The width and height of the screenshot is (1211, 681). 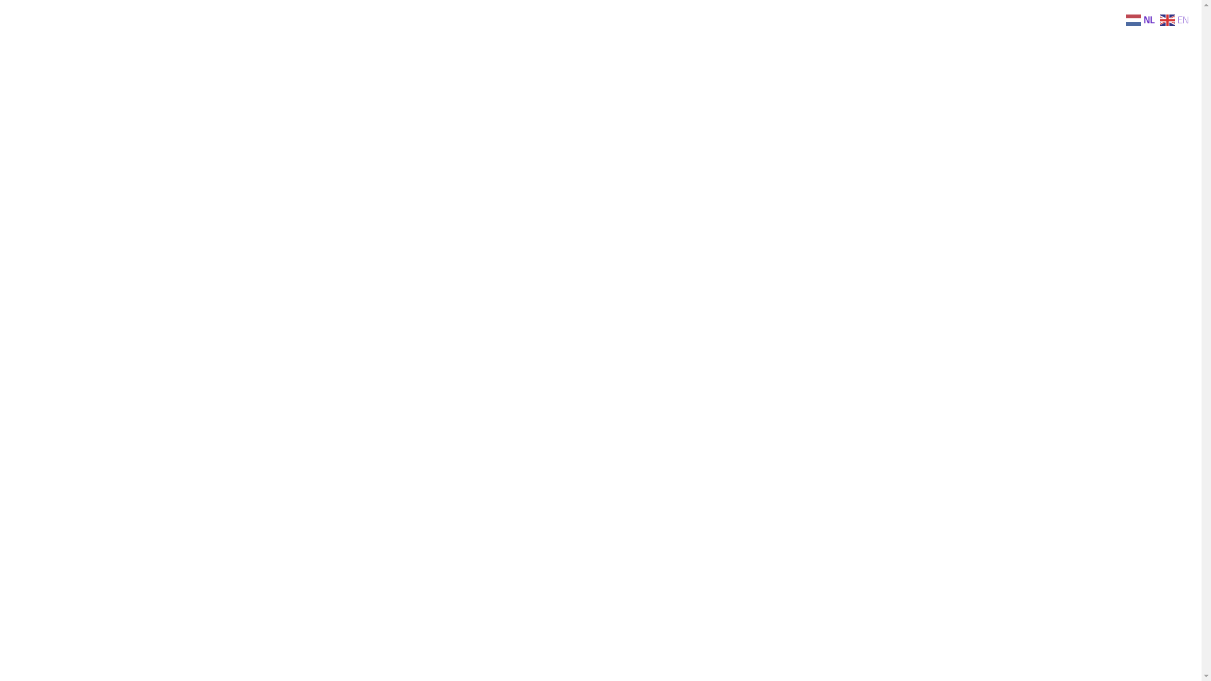 I want to click on 'EN', so click(x=1159, y=18).